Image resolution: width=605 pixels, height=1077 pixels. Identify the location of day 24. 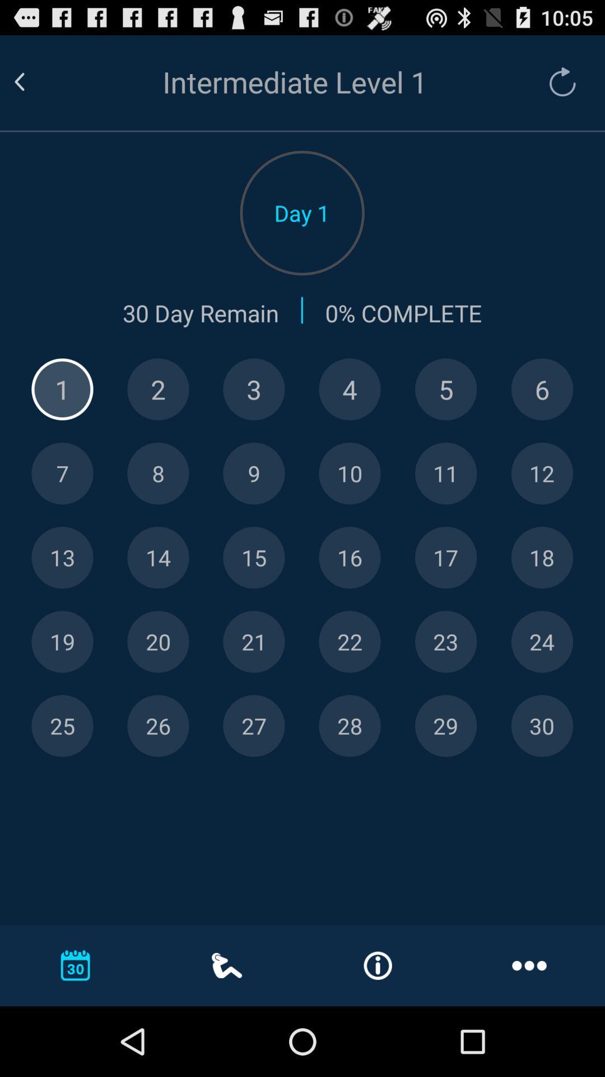
(541, 642).